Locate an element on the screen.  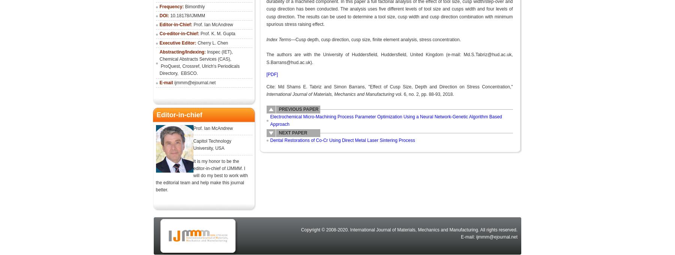
'International Journal of Materials, Mechanics and Manufacturing' is located at coordinates (331, 94).